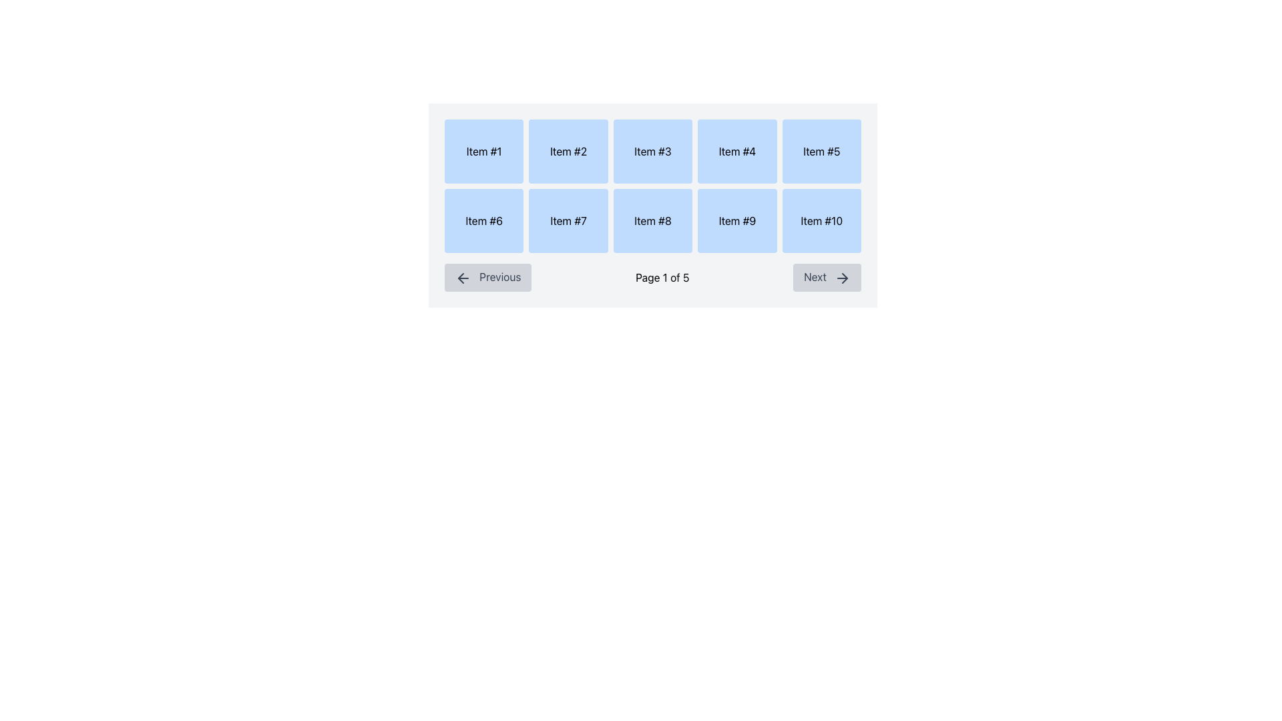  What do you see at coordinates (653, 276) in the screenshot?
I see `page information displayed at the center of the Pagination Control, which shows the current page status like 'Page 1 of 5'` at bounding box center [653, 276].